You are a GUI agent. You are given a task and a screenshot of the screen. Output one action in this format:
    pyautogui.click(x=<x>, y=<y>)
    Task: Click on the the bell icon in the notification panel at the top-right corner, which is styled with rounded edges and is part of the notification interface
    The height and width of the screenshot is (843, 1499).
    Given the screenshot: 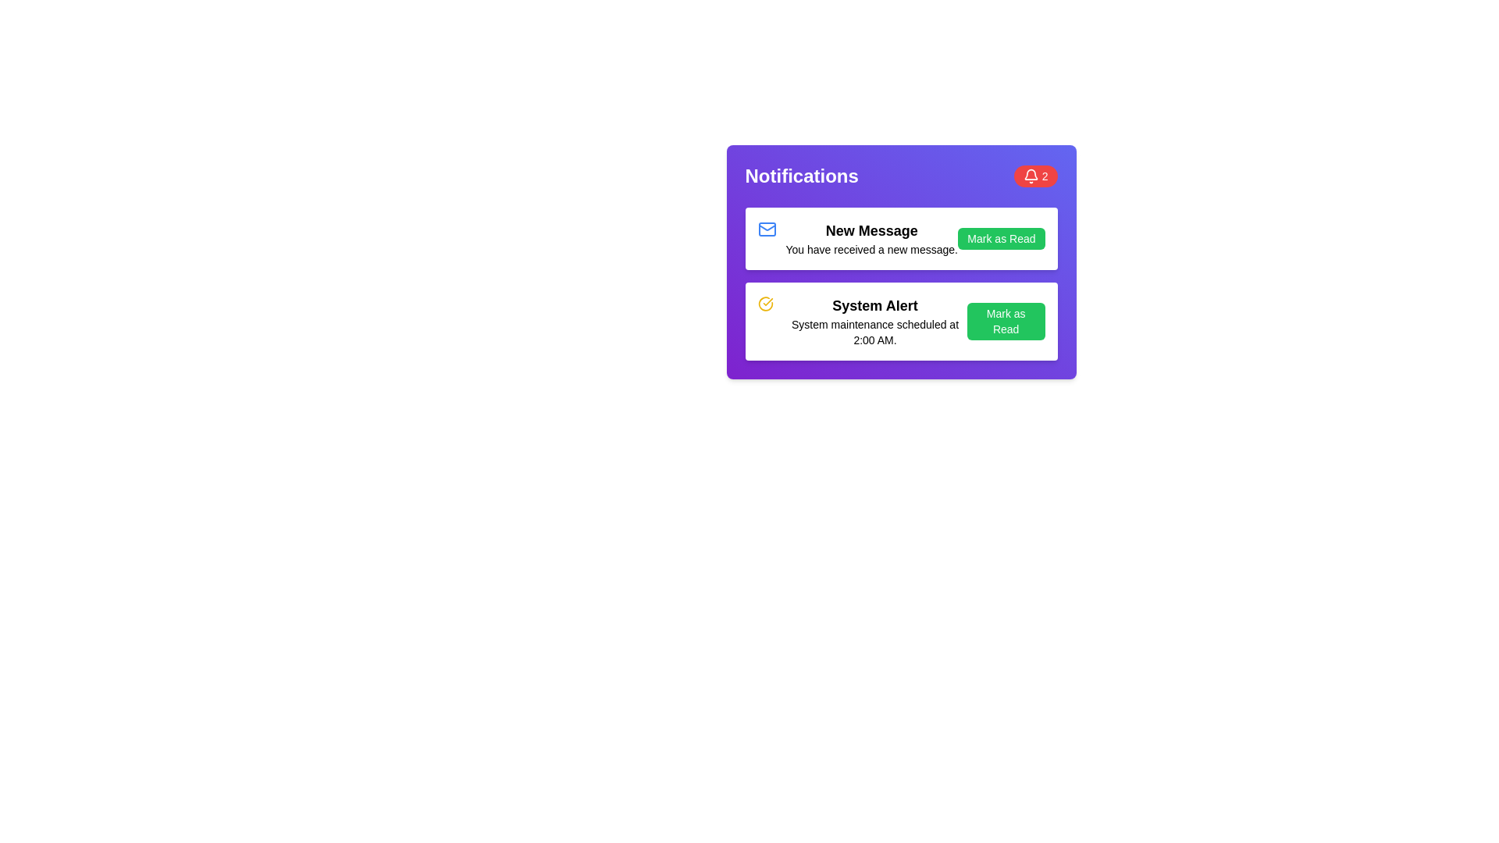 What is the action you would take?
    pyautogui.click(x=1031, y=174)
    